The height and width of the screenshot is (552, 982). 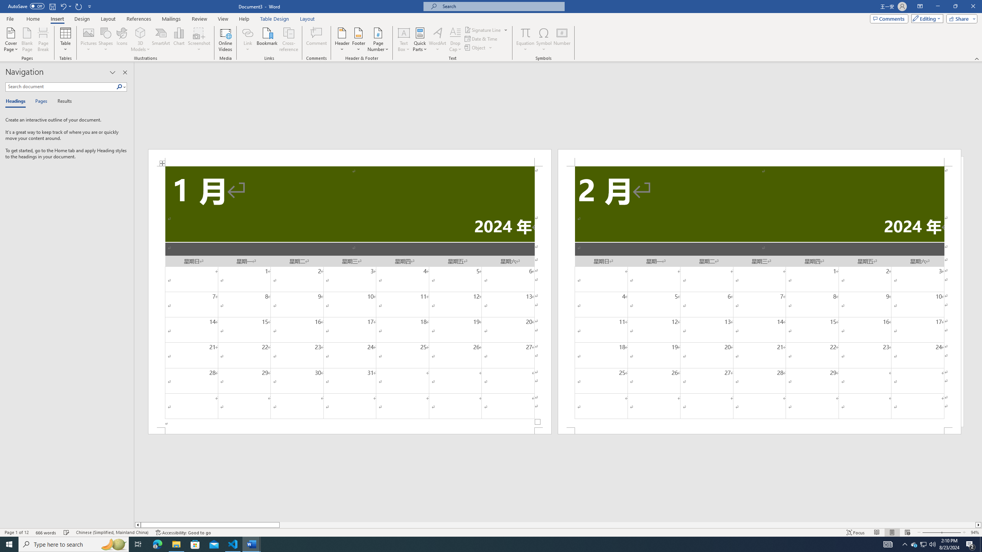 I want to click on 'Collapse the Ribbon', so click(x=977, y=59).